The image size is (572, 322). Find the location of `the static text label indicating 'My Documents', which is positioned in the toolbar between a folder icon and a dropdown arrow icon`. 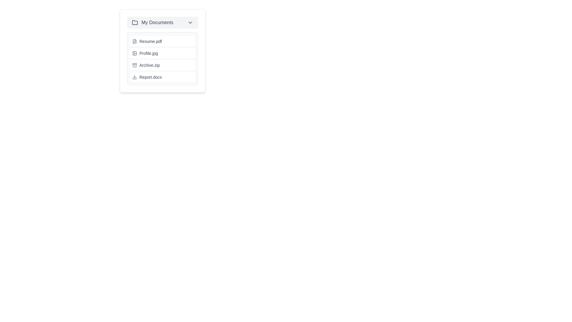

the static text label indicating 'My Documents', which is positioned in the toolbar between a folder icon and a dropdown arrow icon is located at coordinates (164, 22).